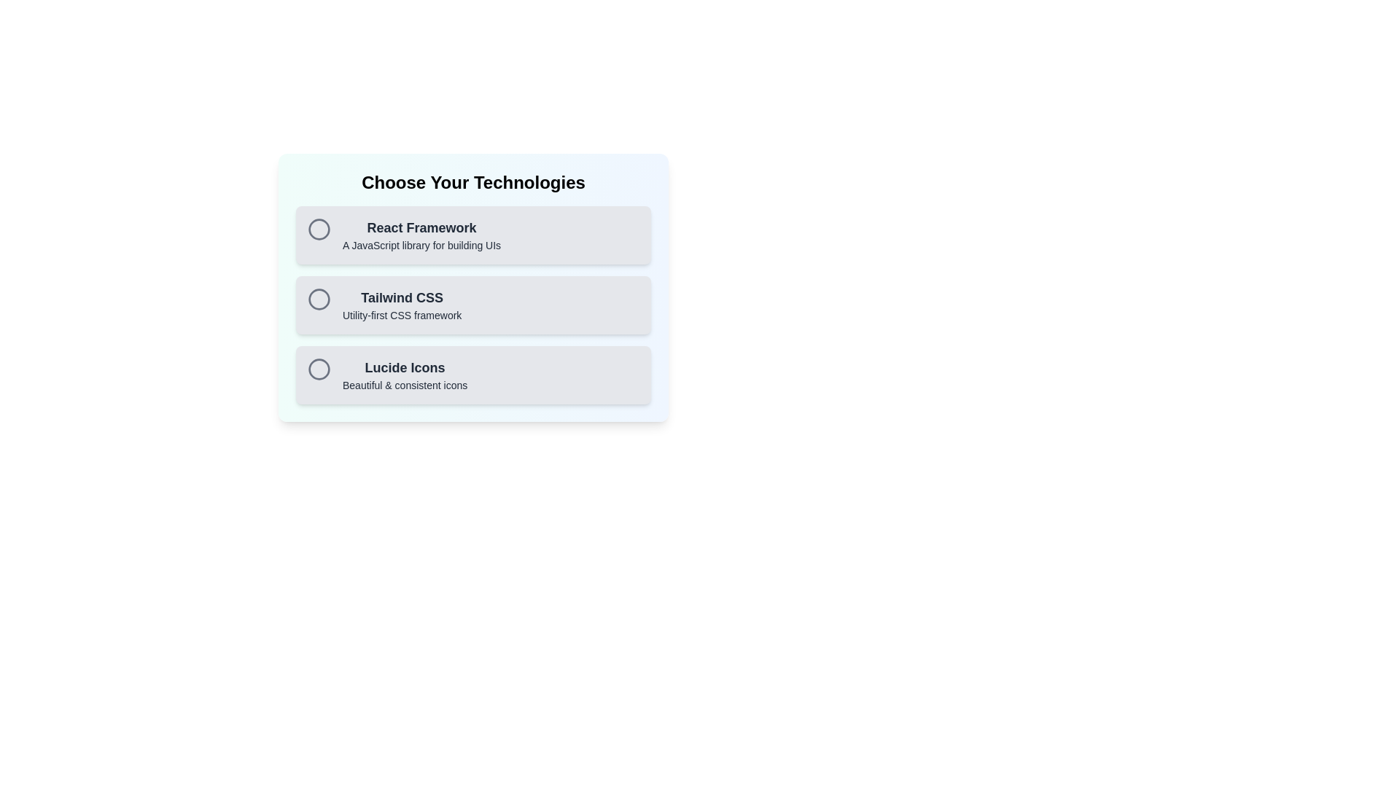  Describe the element at coordinates (473, 375) in the screenshot. I see `the chip labeled Lucide Icons` at that location.